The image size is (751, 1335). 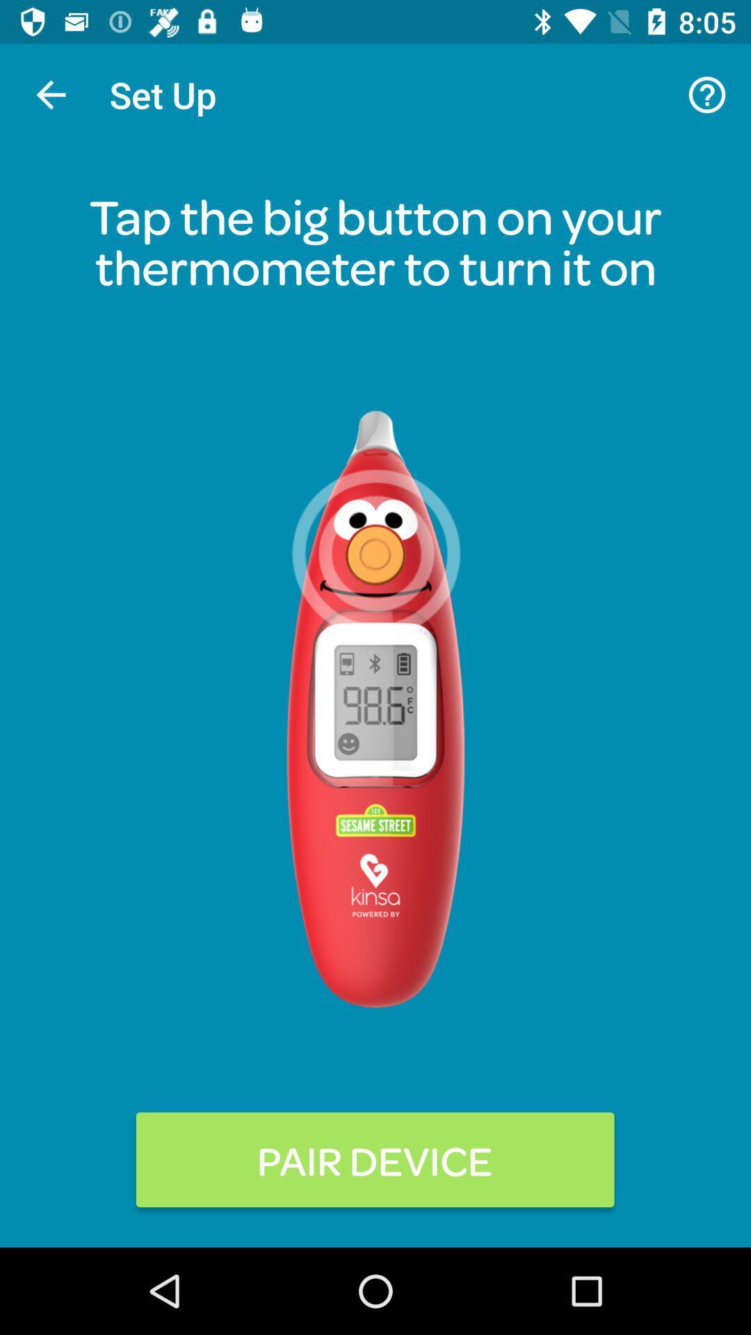 I want to click on pair device, so click(x=374, y=1160).